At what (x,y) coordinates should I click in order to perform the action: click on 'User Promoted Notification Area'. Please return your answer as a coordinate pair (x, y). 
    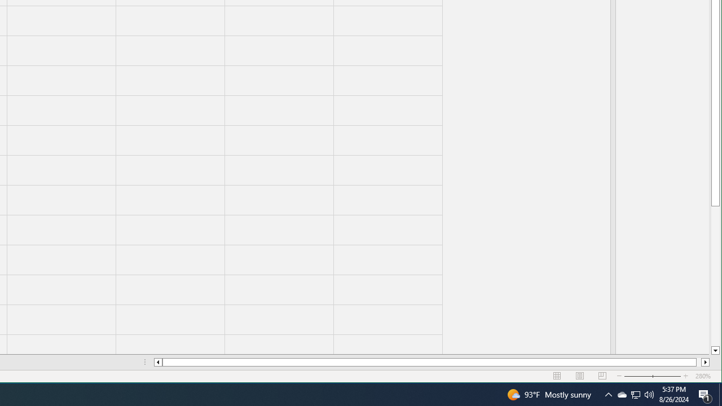
    Looking at the image, I should click on (608, 394).